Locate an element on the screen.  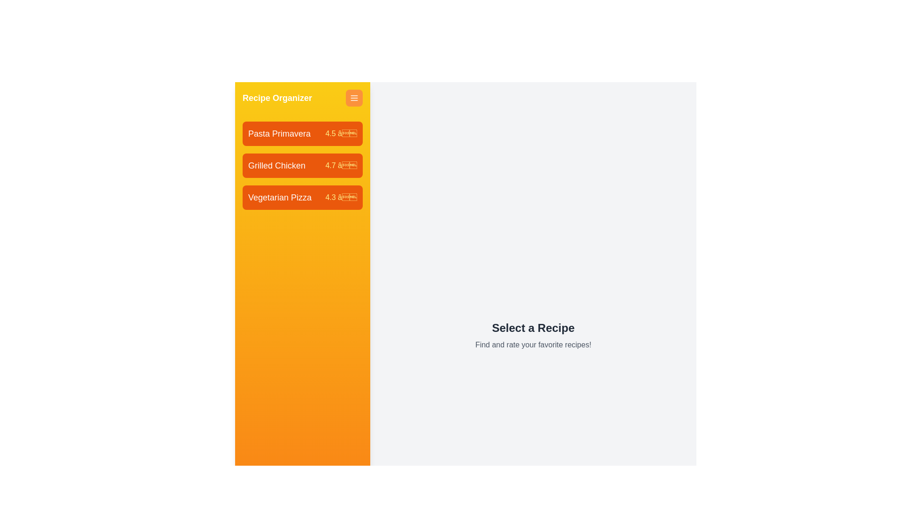
the recipe item labeled Pasta Primavera is located at coordinates (302, 134).